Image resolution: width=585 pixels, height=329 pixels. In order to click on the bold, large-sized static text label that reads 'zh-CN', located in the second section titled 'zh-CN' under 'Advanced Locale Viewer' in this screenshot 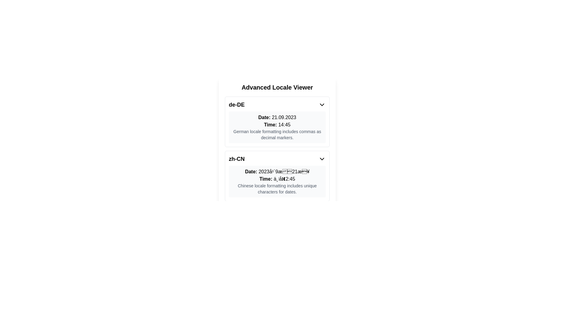, I will do `click(236, 158)`.